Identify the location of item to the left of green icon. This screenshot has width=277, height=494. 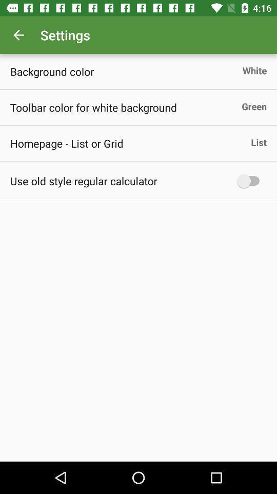
(93, 107).